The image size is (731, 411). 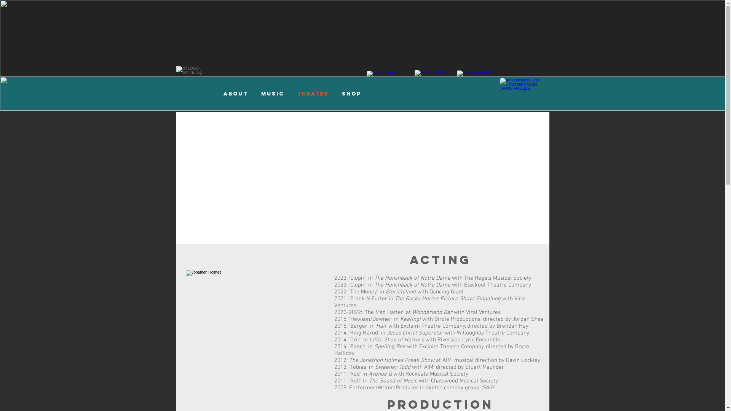 I want to click on 'SHOP', so click(x=351, y=93).